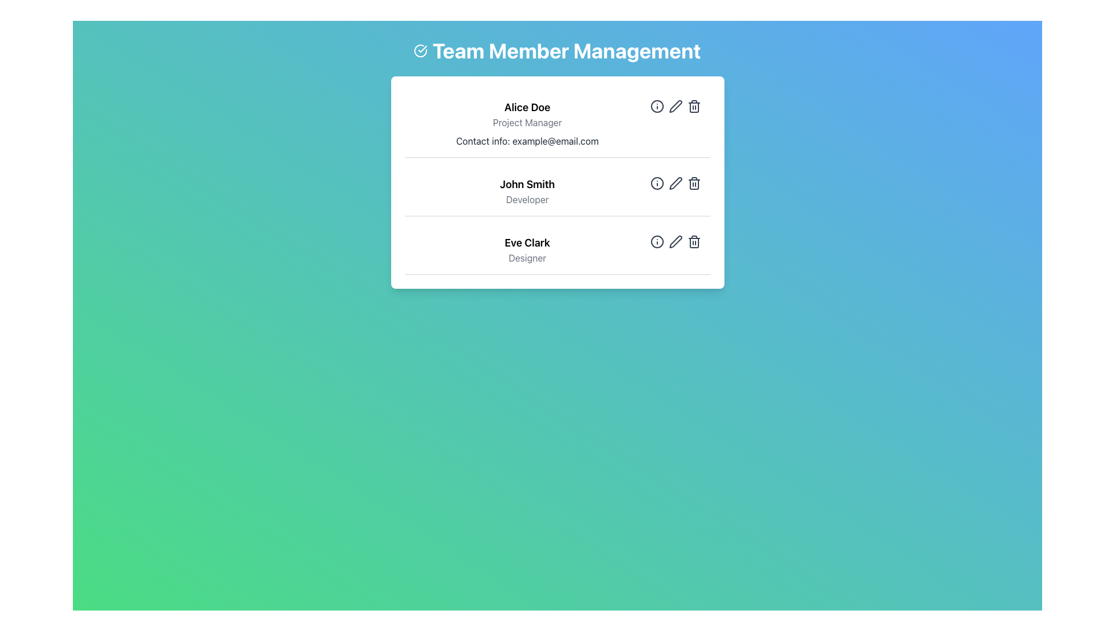 The height and width of the screenshot is (625, 1111). What do you see at coordinates (675, 182) in the screenshot?
I see `the pen icon button, which is gray and turns green on hover, located to the right of the 'John Smith' entry in the list and positioned between the 'info' icon and the 'remove' icon` at bounding box center [675, 182].